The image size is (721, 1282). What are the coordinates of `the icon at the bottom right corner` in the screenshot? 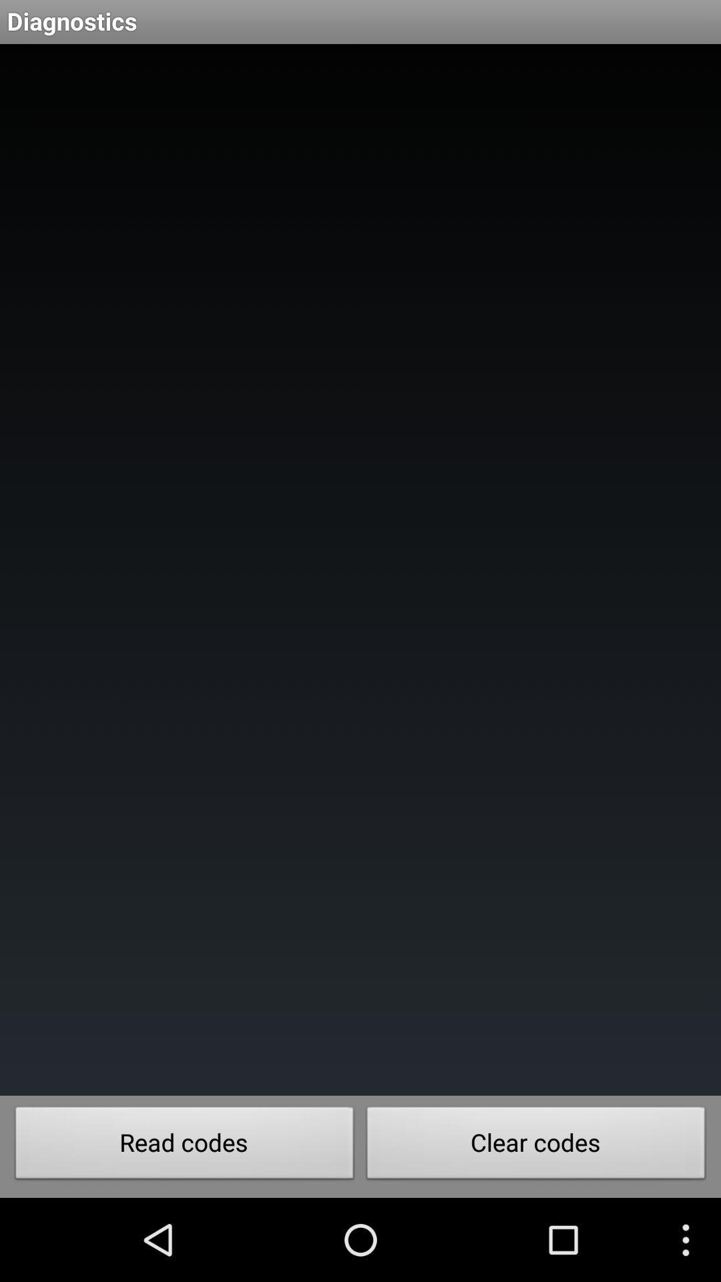 It's located at (535, 1146).